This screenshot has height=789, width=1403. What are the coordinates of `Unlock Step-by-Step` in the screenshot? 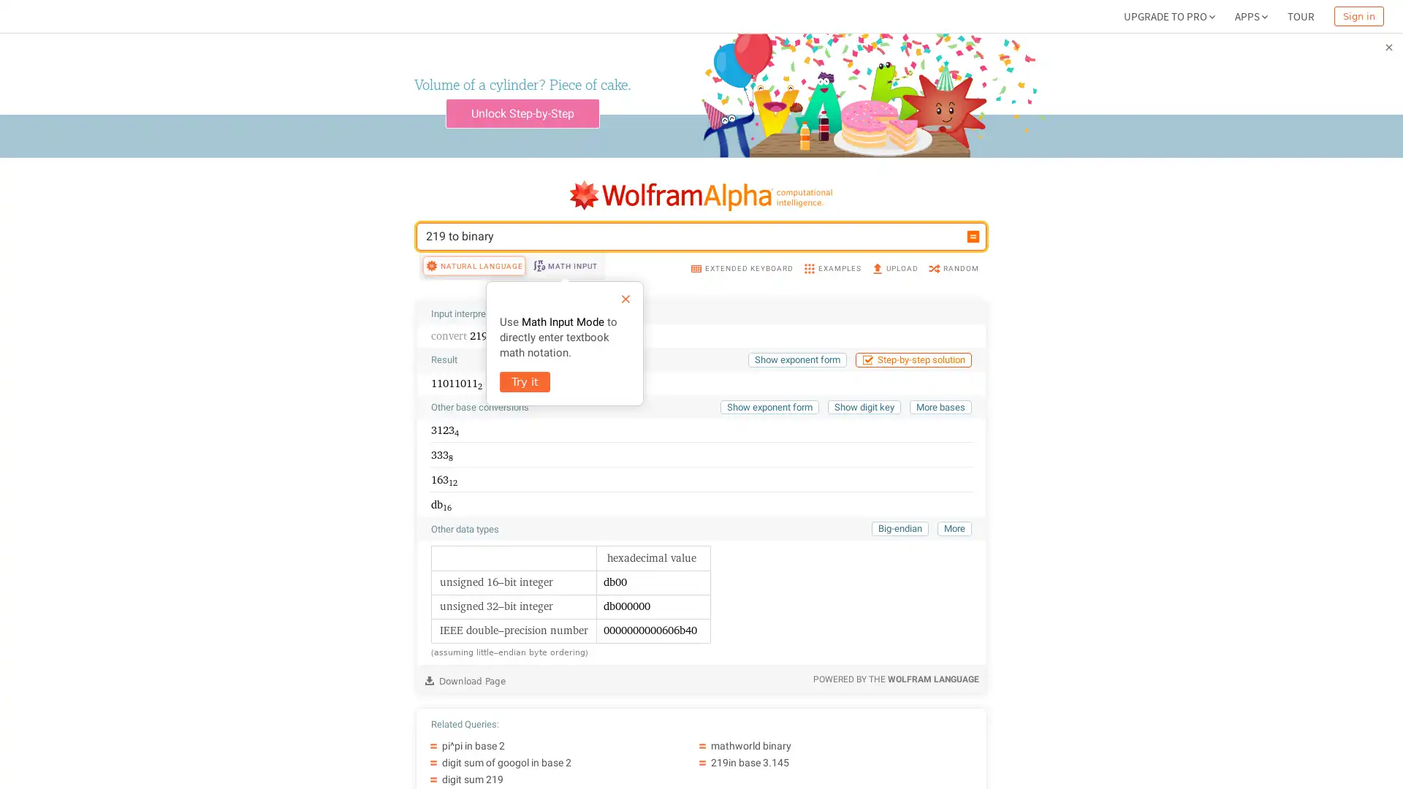 It's located at (522, 113).